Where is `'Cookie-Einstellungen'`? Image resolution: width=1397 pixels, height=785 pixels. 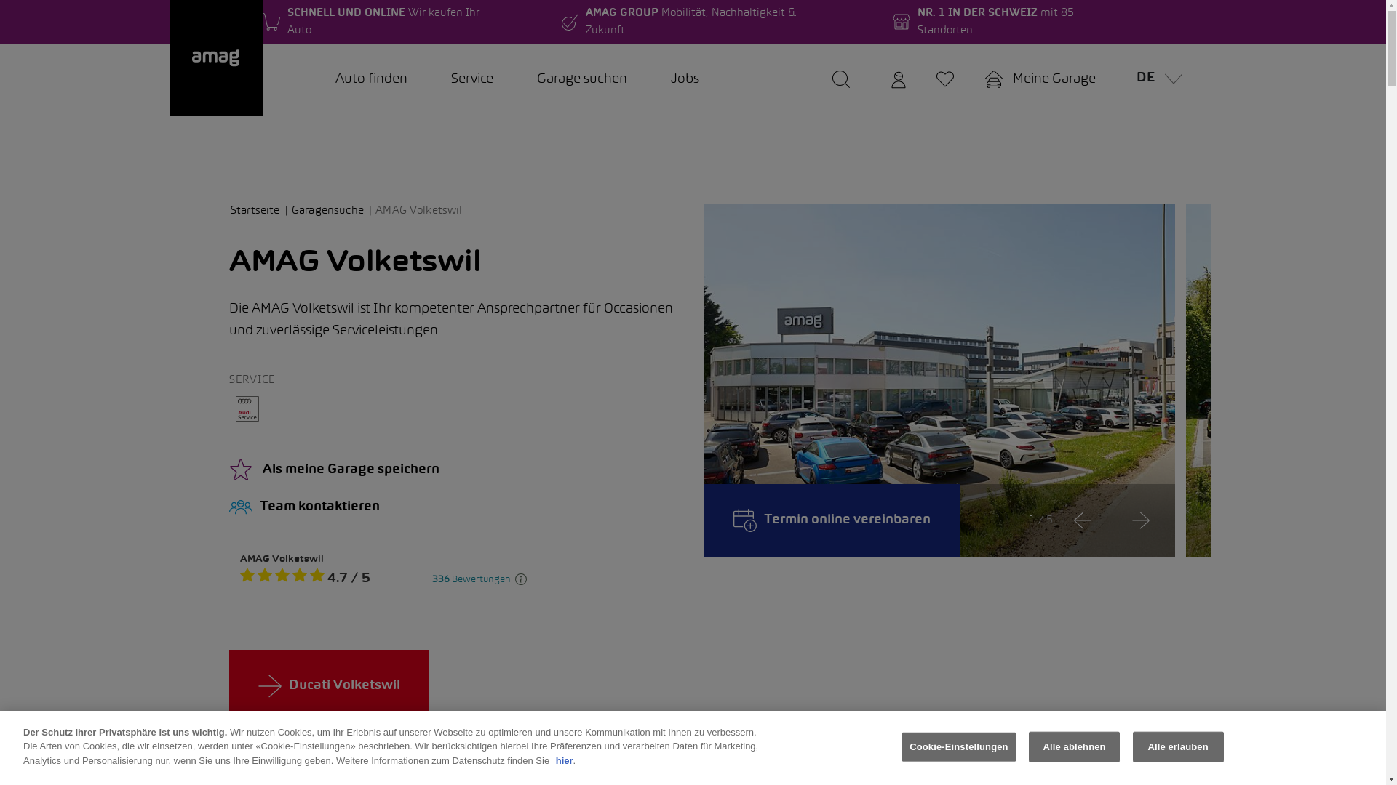 'Cookie-Einstellungen' is located at coordinates (959, 747).